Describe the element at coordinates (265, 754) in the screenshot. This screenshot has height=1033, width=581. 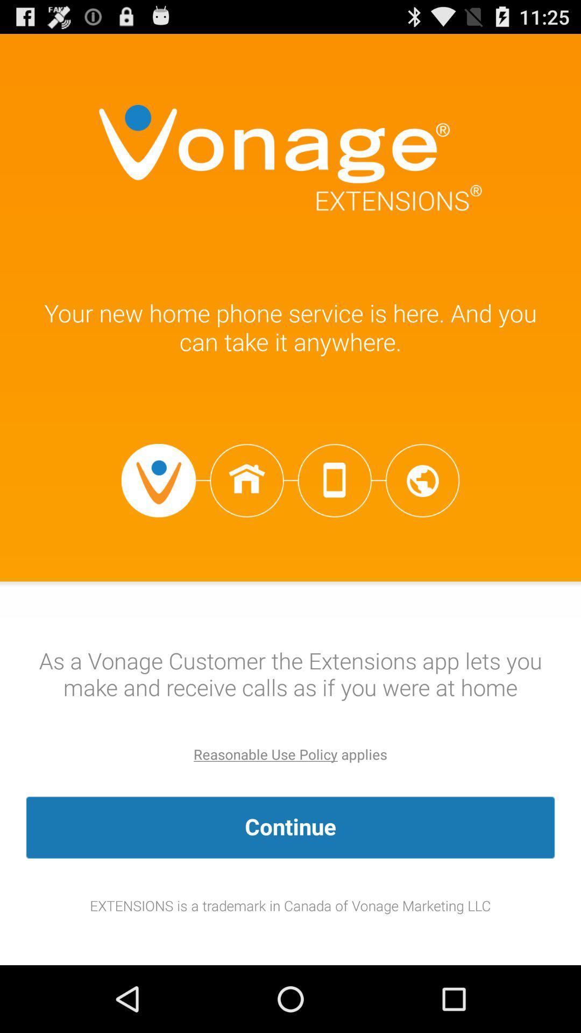
I see `item next to  applies icon` at that location.